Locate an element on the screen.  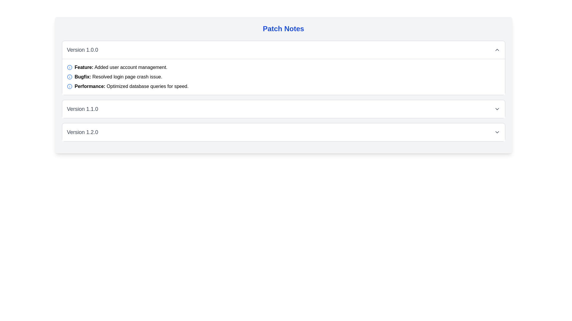
the blue circular information icon located to the far left of the text 'Bugfix: Resolved login page crash issue.' in the second row under 'Version 1.0.0.' is located at coordinates (69, 76).